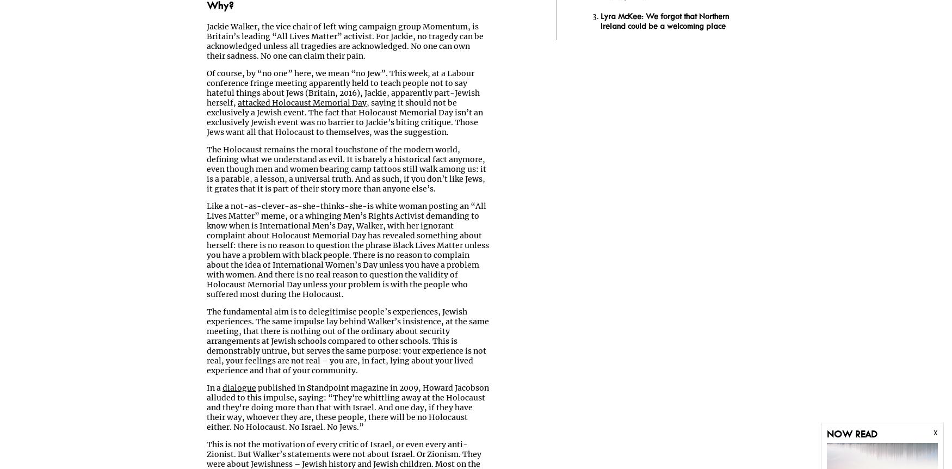 The width and height of the screenshot is (952, 469). What do you see at coordinates (601, 21) in the screenshot?
I see `'Lyra McKee: We forgot that Northern Ireland could be a welcoming place'` at bounding box center [601, 21].